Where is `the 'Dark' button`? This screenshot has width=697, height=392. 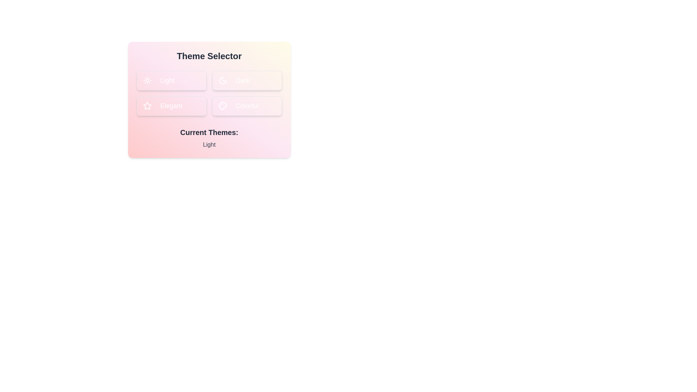 the 'Dark' button is located at coordinates (222, 81).